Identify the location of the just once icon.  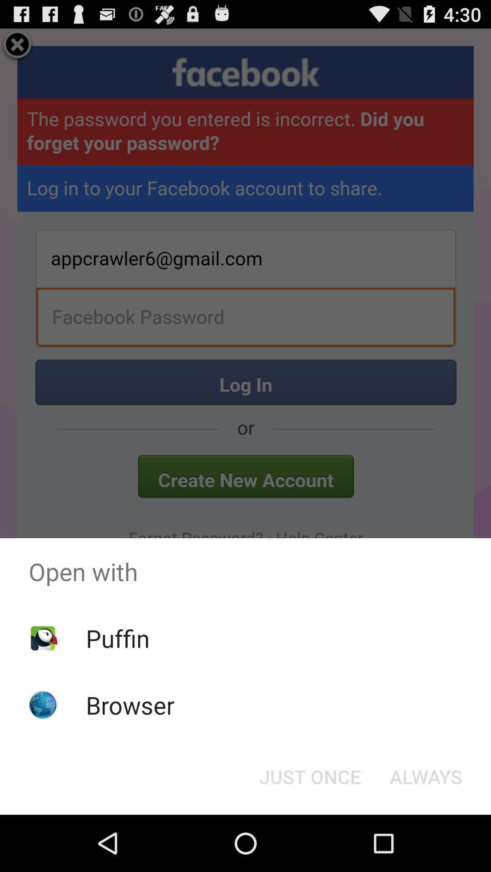
(310, 776).